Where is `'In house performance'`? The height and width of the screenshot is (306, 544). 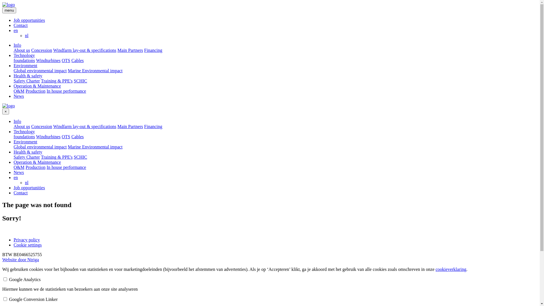 'In house performance' is located at coordinates (66, 167).